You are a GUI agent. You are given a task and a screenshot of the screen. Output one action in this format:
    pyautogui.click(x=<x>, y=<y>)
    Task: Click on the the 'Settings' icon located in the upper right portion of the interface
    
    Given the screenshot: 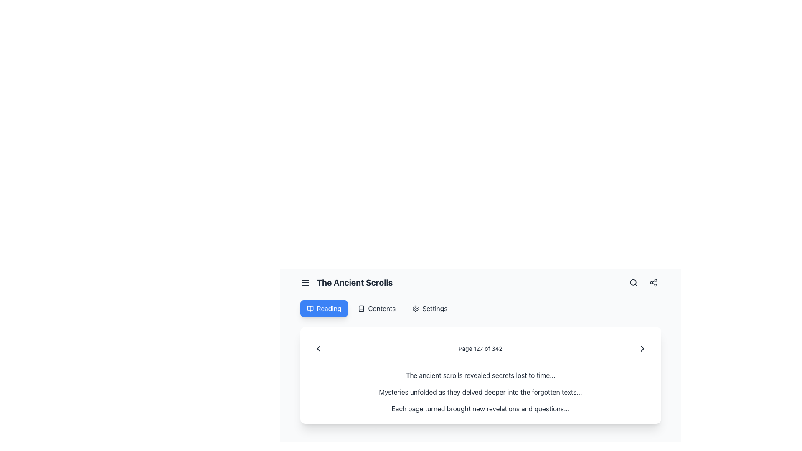 What is the action you would take?
    pyautogui.click(x=416, y=309)
    